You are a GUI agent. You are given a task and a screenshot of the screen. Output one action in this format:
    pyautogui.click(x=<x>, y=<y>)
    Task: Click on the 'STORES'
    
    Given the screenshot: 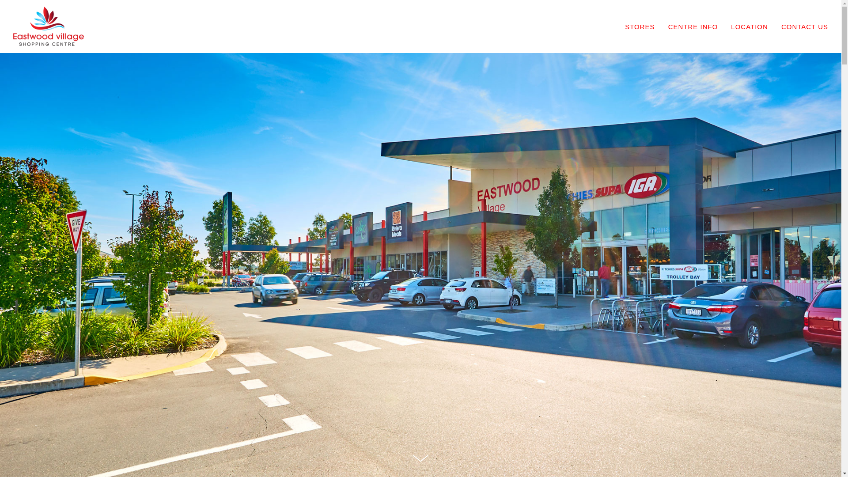 What is the action you would take?
    pyautogui.click(x=646, y=26)
    